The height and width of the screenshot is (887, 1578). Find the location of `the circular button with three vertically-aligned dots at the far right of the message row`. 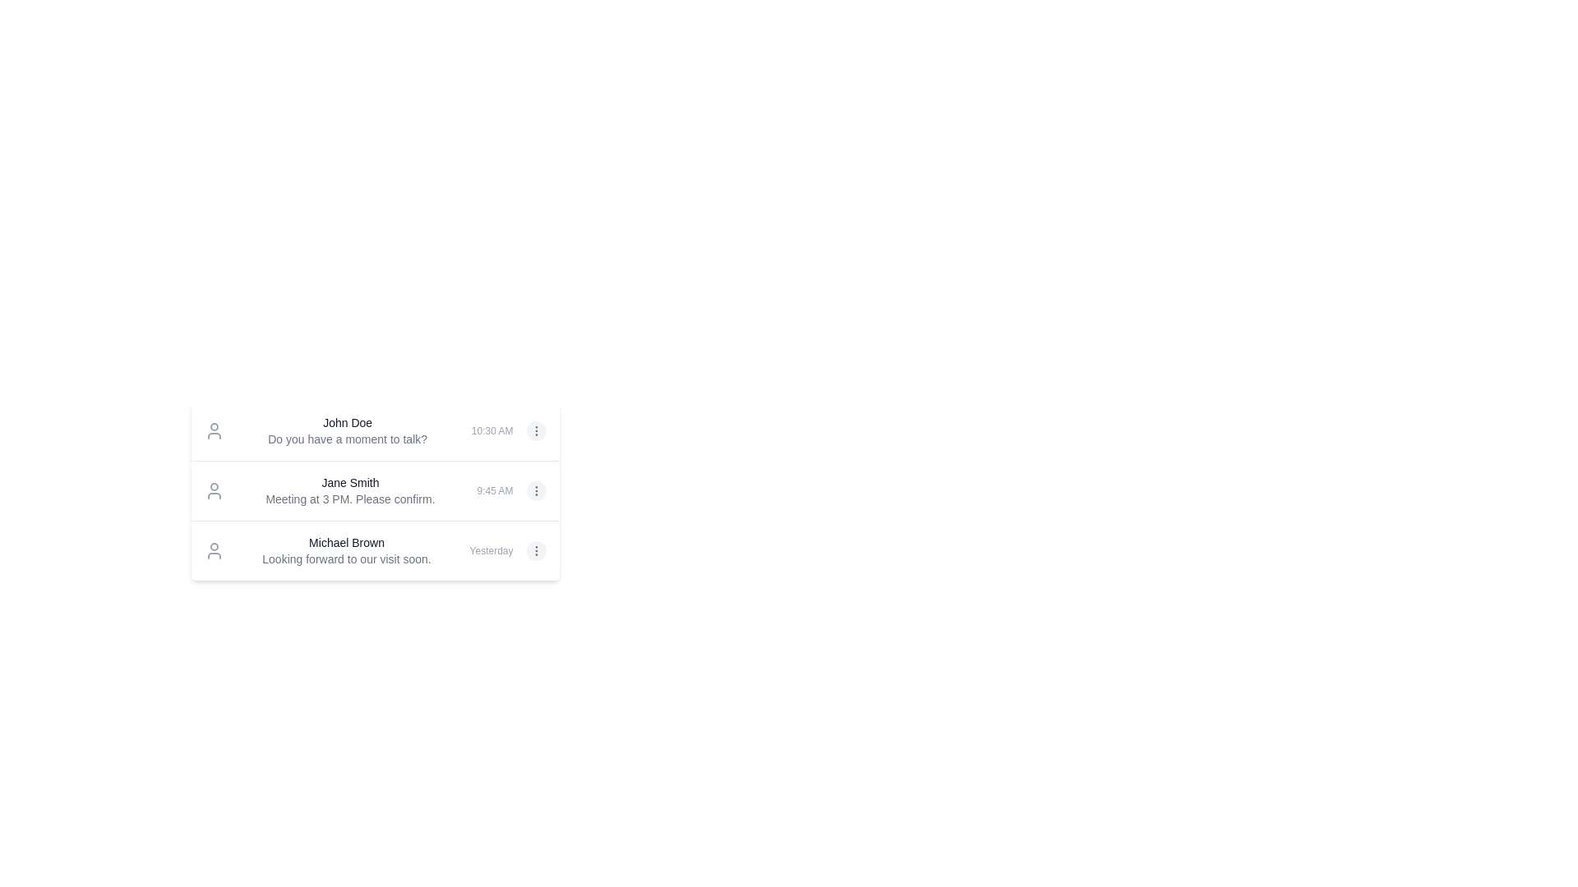

the circular button with three vertically-aligned dots at the far right of the message row is located at coordinates (536, 551).